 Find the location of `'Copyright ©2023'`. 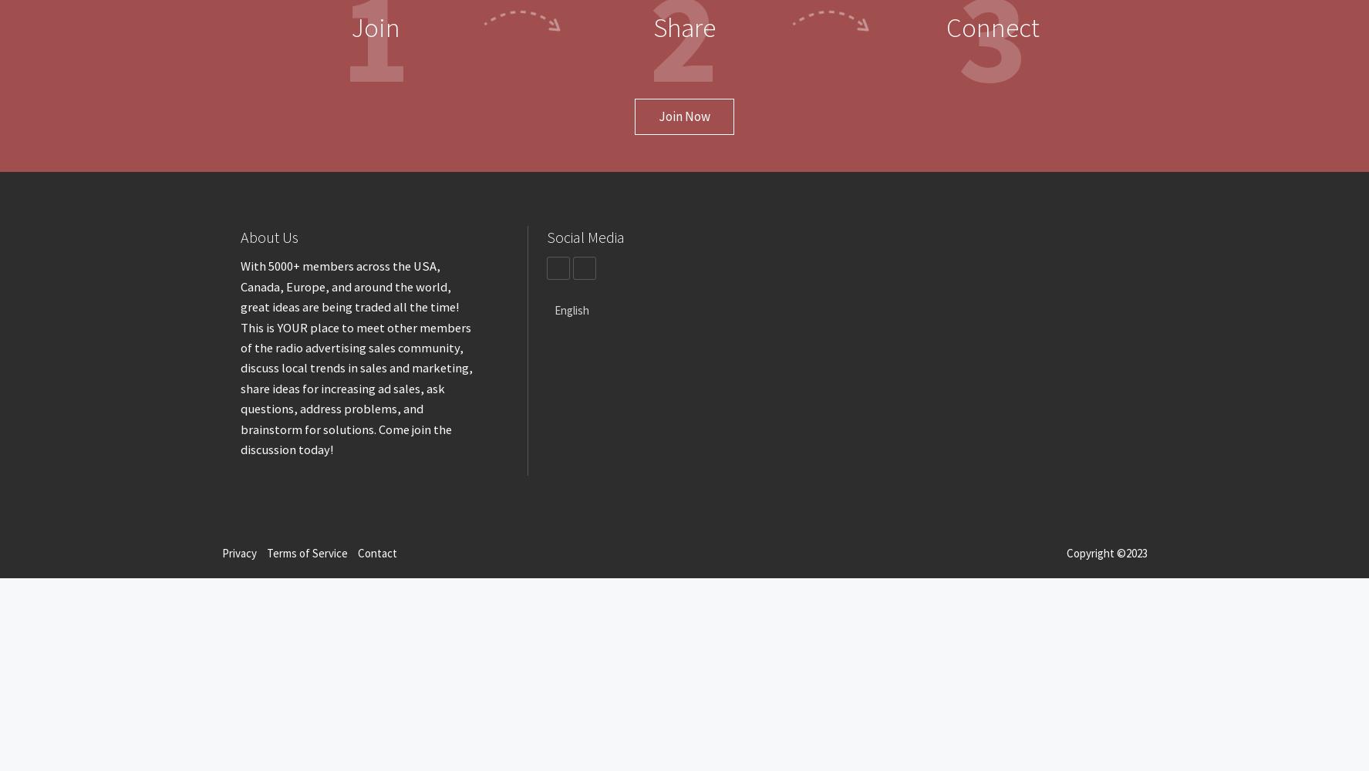

'Copyright ©2023' is located at coordinates (1066, 552).